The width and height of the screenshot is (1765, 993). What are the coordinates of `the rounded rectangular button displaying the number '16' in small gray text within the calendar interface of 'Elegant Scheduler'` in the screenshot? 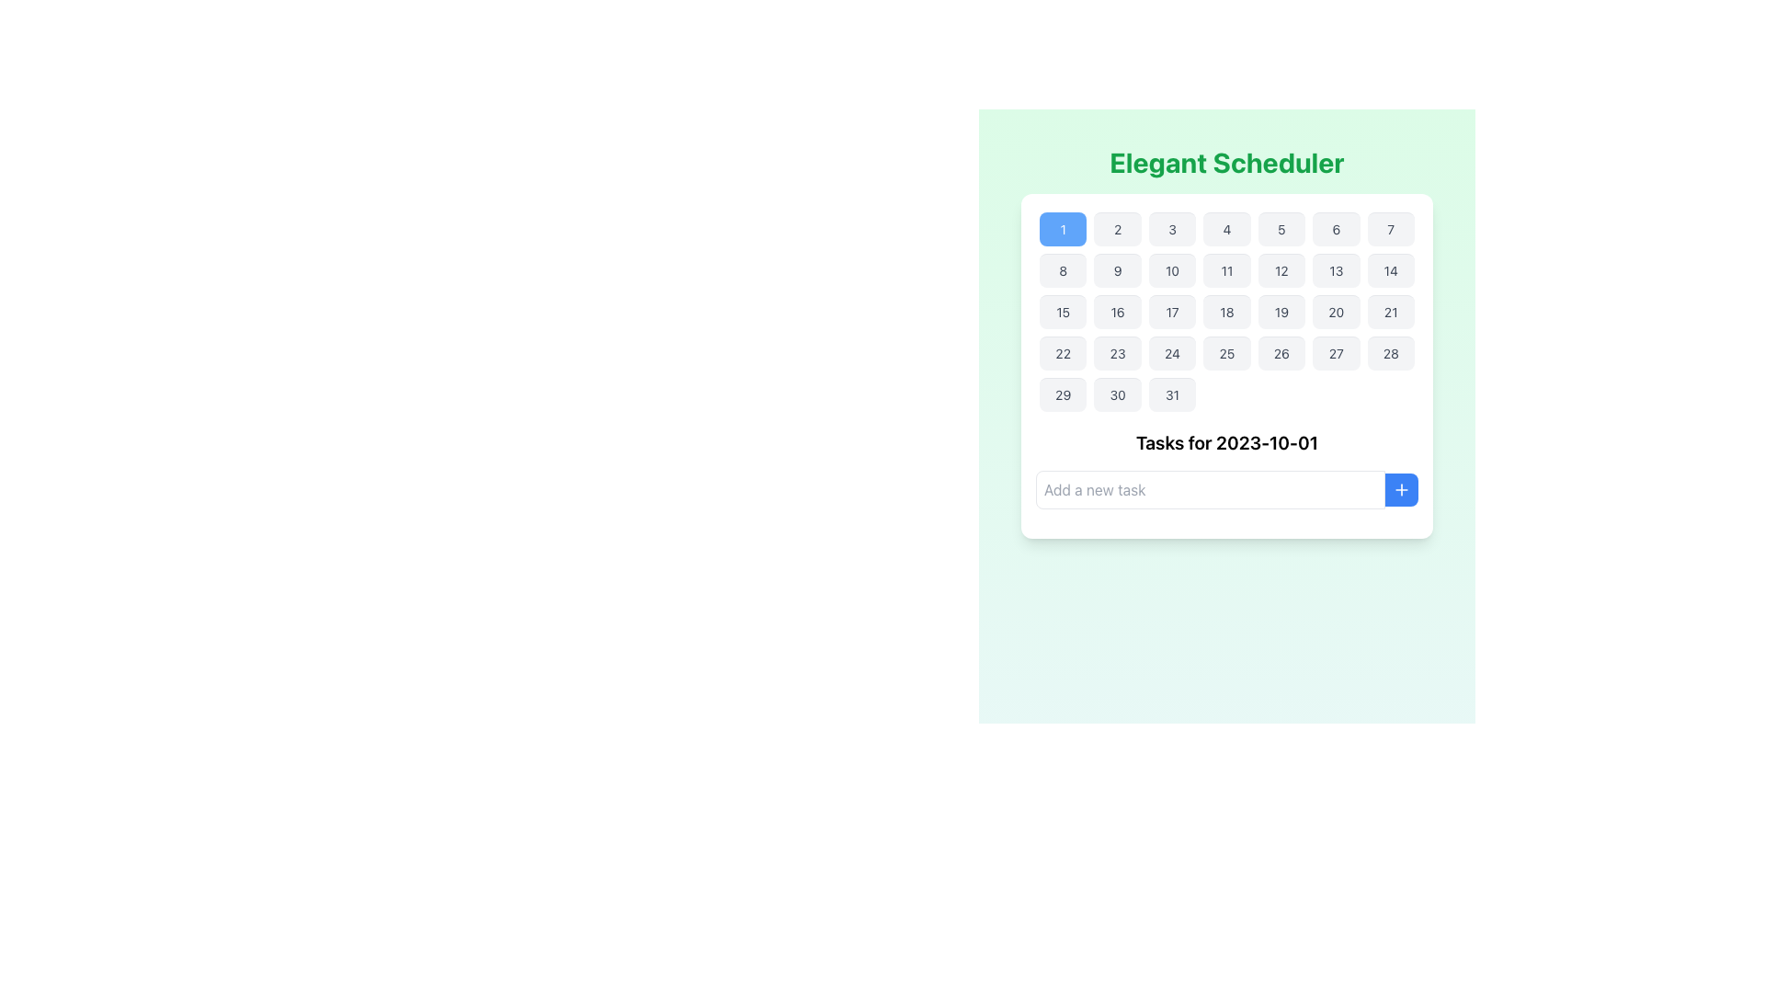 It's located at (1117, 311).